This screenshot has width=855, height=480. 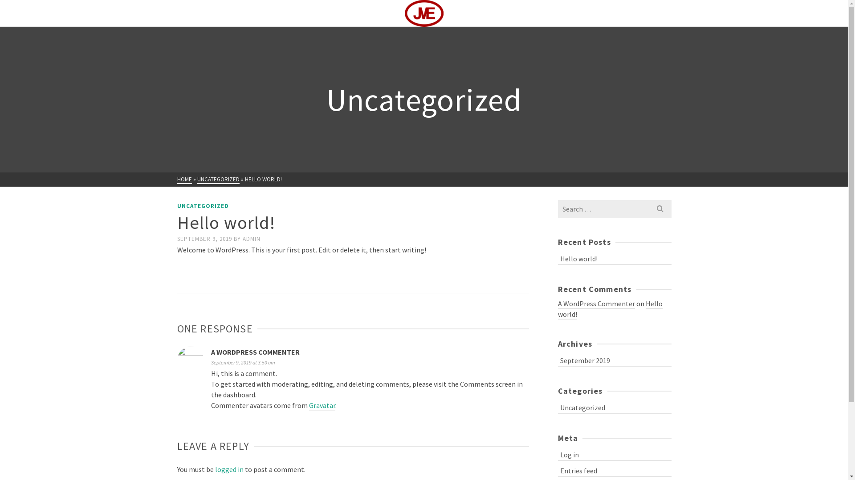 I want to click on 'ADMIN', so click(x=250, y=238).